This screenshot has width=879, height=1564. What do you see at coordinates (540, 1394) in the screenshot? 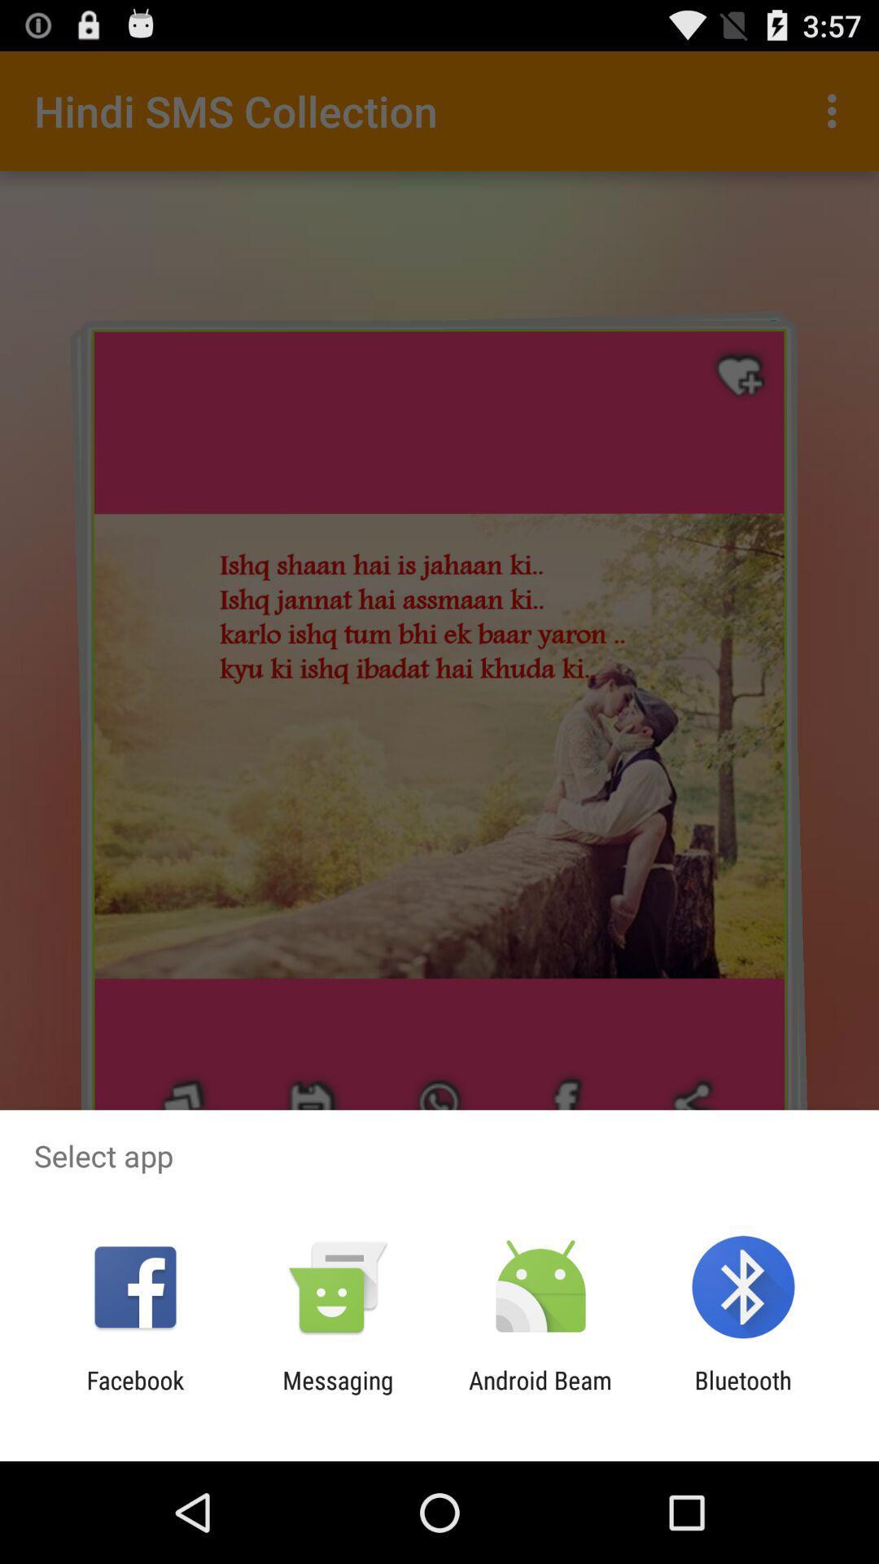
I see `app to the left of the bluetooth app` at bounding box center [540, 1394].